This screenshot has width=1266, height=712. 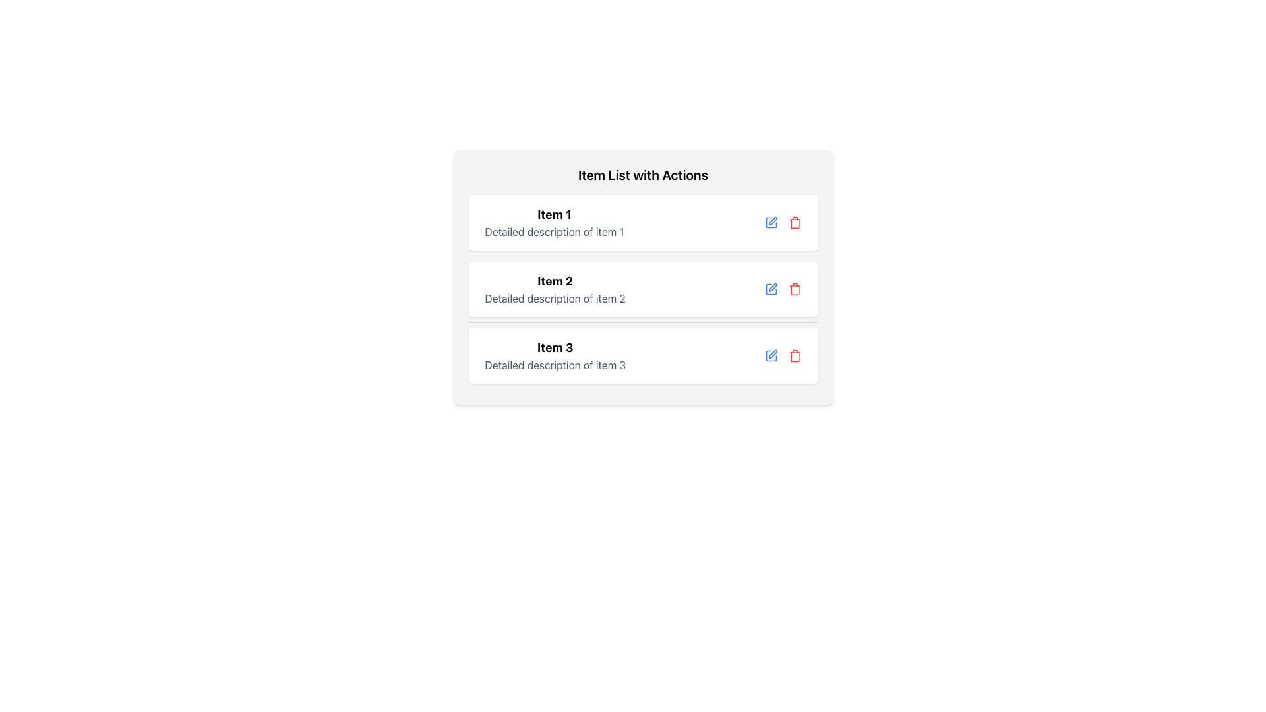 What do you see at coordinates (772, 287) in the screenshot?
I see `the edit icon button located on the far left side of the interactive icons in the 'Item 2' row` at bounding box center [772, 287].